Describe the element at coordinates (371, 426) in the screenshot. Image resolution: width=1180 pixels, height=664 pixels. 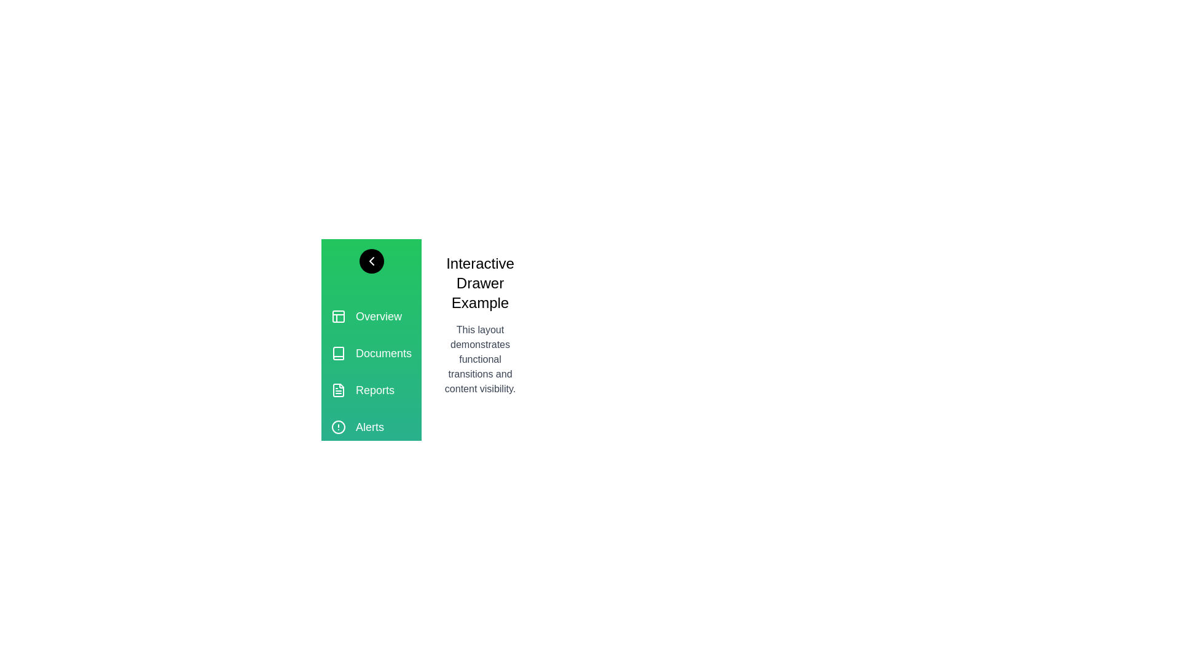
I see `the section labeled Alerts in the drawer` at that location.